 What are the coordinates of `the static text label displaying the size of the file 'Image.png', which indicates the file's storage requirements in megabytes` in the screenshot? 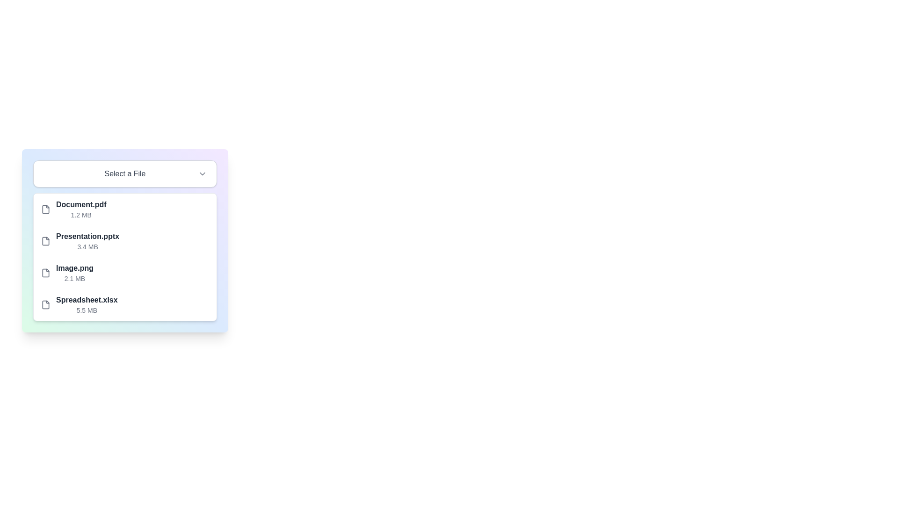 It's located at (74, 278).